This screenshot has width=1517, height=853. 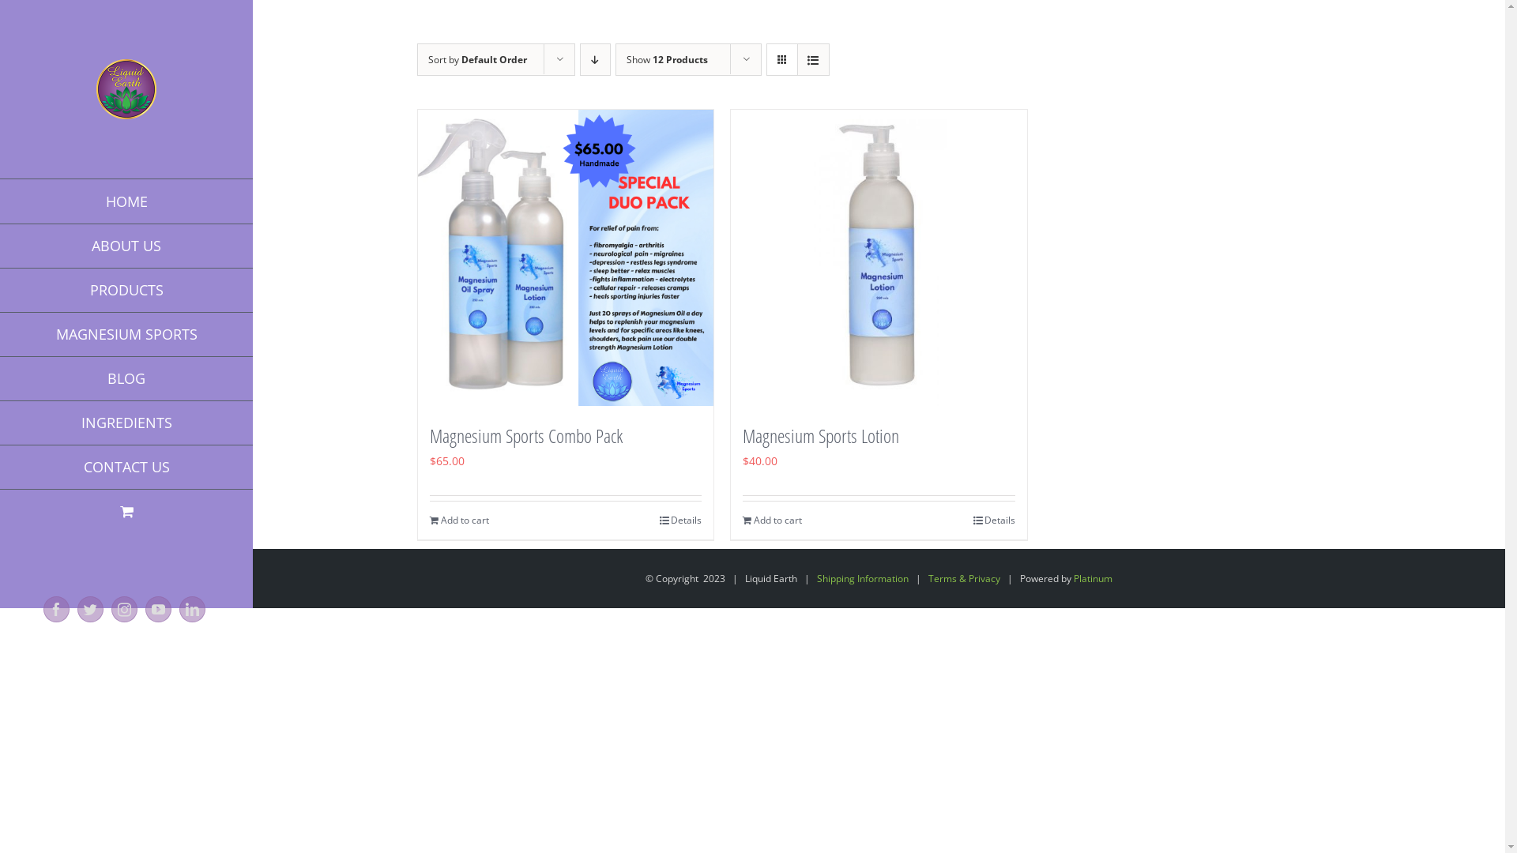 What do you see at coordinates (125, 422) in the screenshot?
I see `'INGREDIENTS'` at bounding box center [125, 422].